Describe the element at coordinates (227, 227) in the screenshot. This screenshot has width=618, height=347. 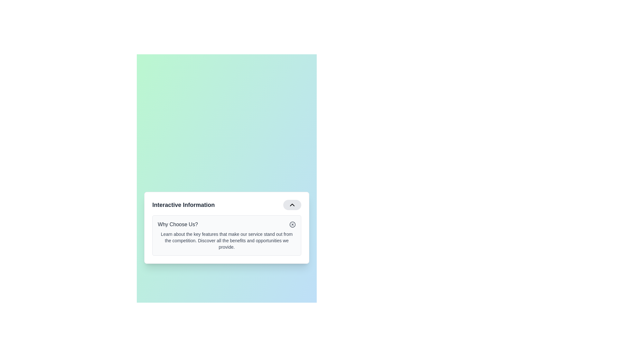
I see `the collapsible information panel titled 'Interactive Information'` at that location.